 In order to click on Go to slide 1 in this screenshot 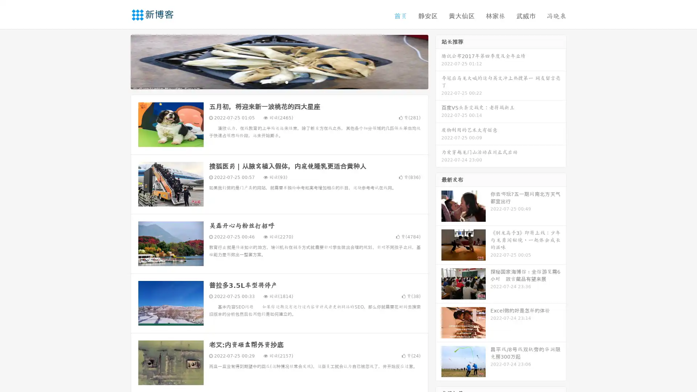, I will do `click(272, 82)`.